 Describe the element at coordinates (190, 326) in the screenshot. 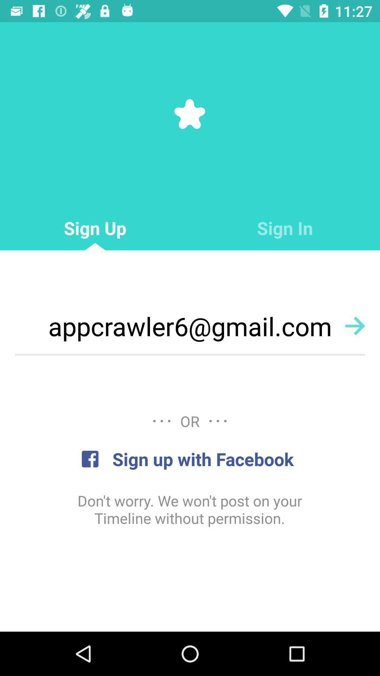

I see `the icon below the sign up` at that location.